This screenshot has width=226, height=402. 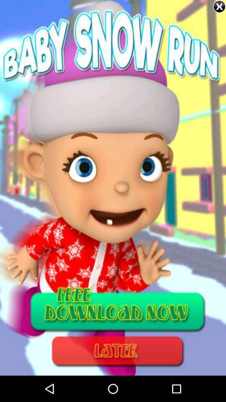 What do you see at coordinates (219, 6) in the screenshot?
I see `the close icon` at bounding box center [219, 6].